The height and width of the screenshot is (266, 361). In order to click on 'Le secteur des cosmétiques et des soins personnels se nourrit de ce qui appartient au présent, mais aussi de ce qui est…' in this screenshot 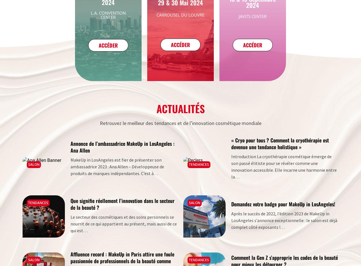, I will do `click(123, 223)`.